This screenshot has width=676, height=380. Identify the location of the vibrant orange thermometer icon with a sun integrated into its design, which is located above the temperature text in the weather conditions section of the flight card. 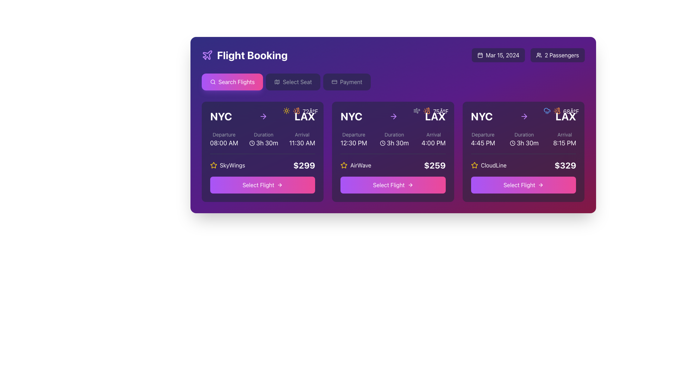
(556, 111).